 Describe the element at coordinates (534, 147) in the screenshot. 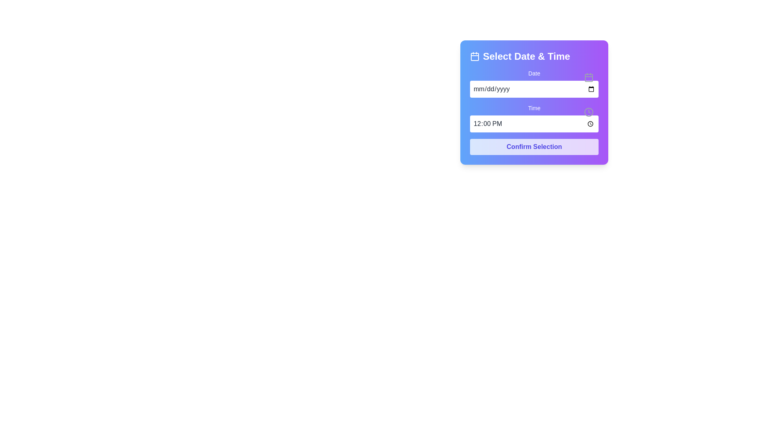

I see `the submit button located at the bottom of the date and time selection panel to observe the hover effect` at that location.